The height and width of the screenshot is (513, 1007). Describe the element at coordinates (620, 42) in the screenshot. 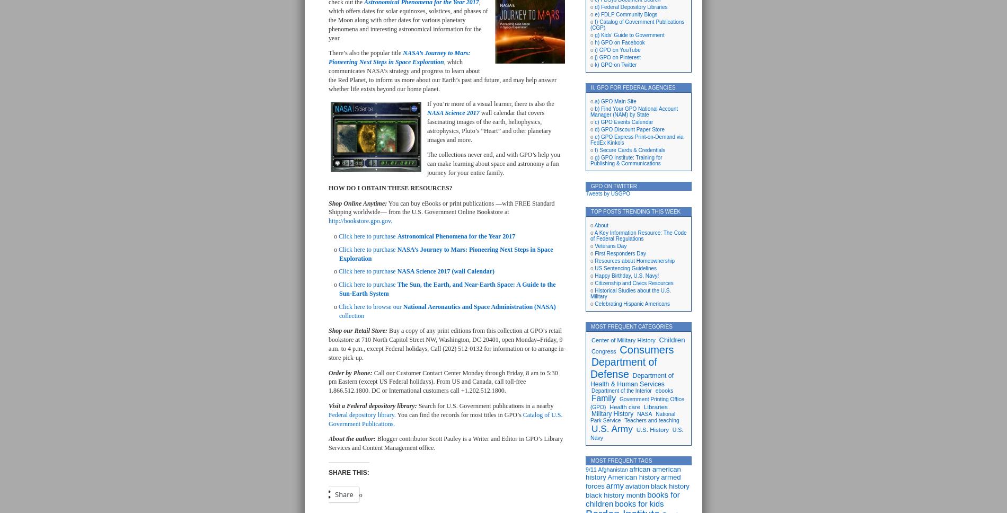

I see `'h) GPO on Facebook'` at that location.